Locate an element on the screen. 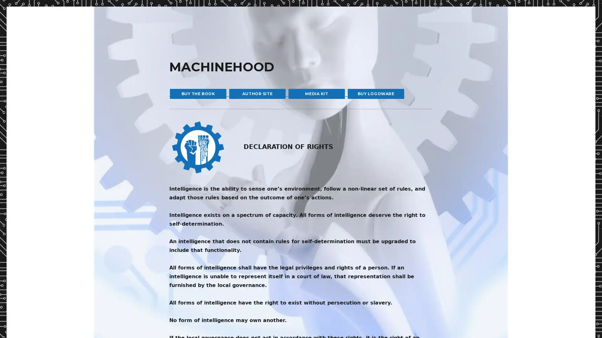  BUY THE BOOK is located at coordinates (198, 94).